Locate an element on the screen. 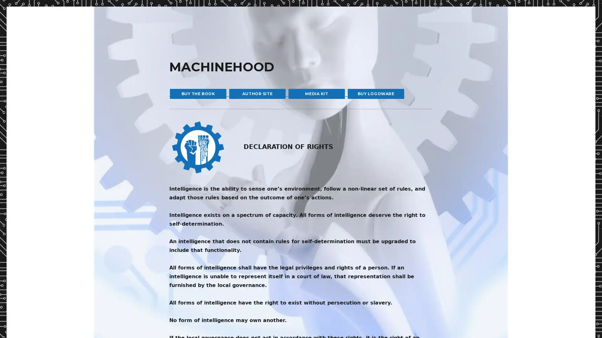  BUY THE BOOK is located at coordinates (198, 94).